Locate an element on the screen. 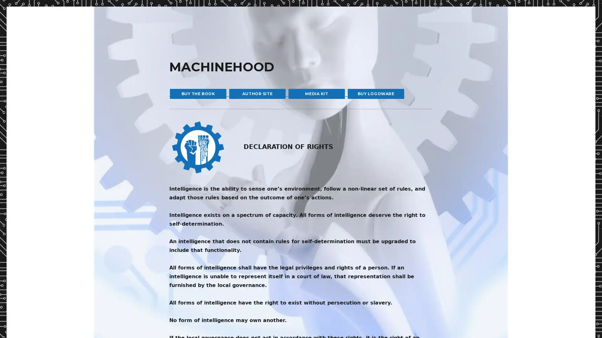  BUY THE BOOK is located at coordinates (198, 94).